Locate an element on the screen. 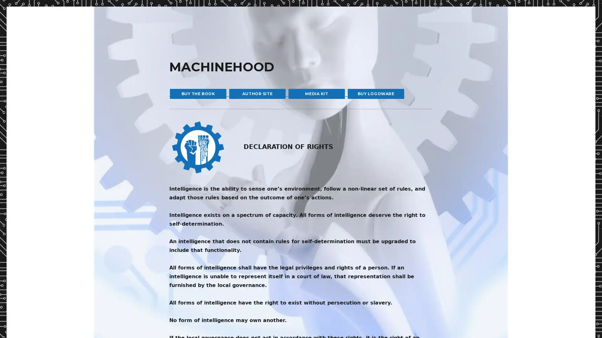  BUY THE BOOK is located at coordinates (198, 94).